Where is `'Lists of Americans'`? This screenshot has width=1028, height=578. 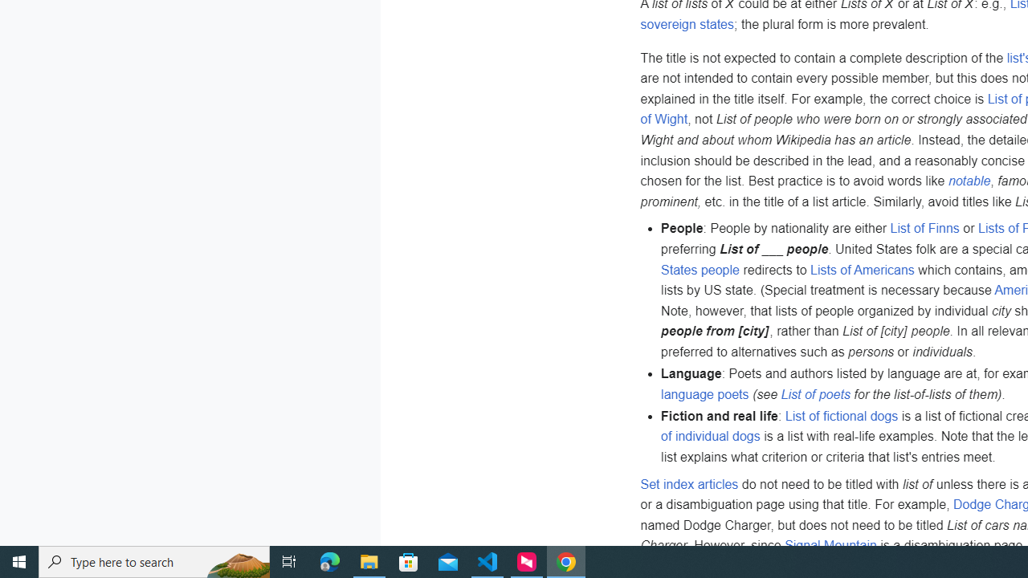 'Lists of Americans' is located at coordinates (861, 268).